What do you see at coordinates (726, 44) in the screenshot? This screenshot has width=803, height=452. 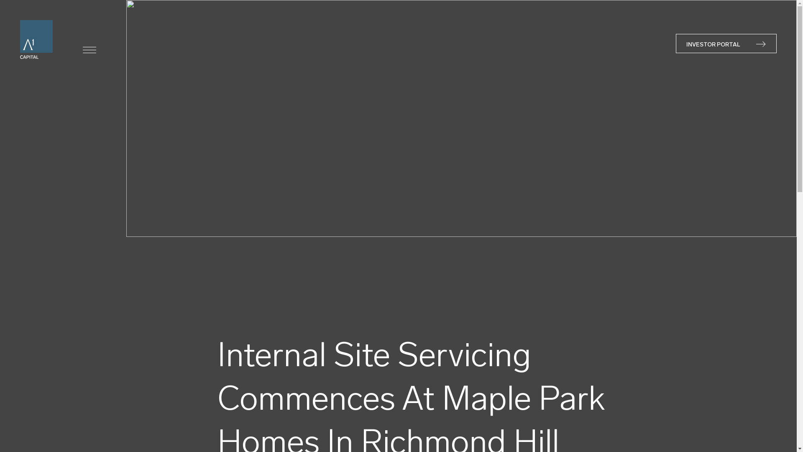 I see `'INVESTOR PORTAL'` at bounding box center [726, 44].